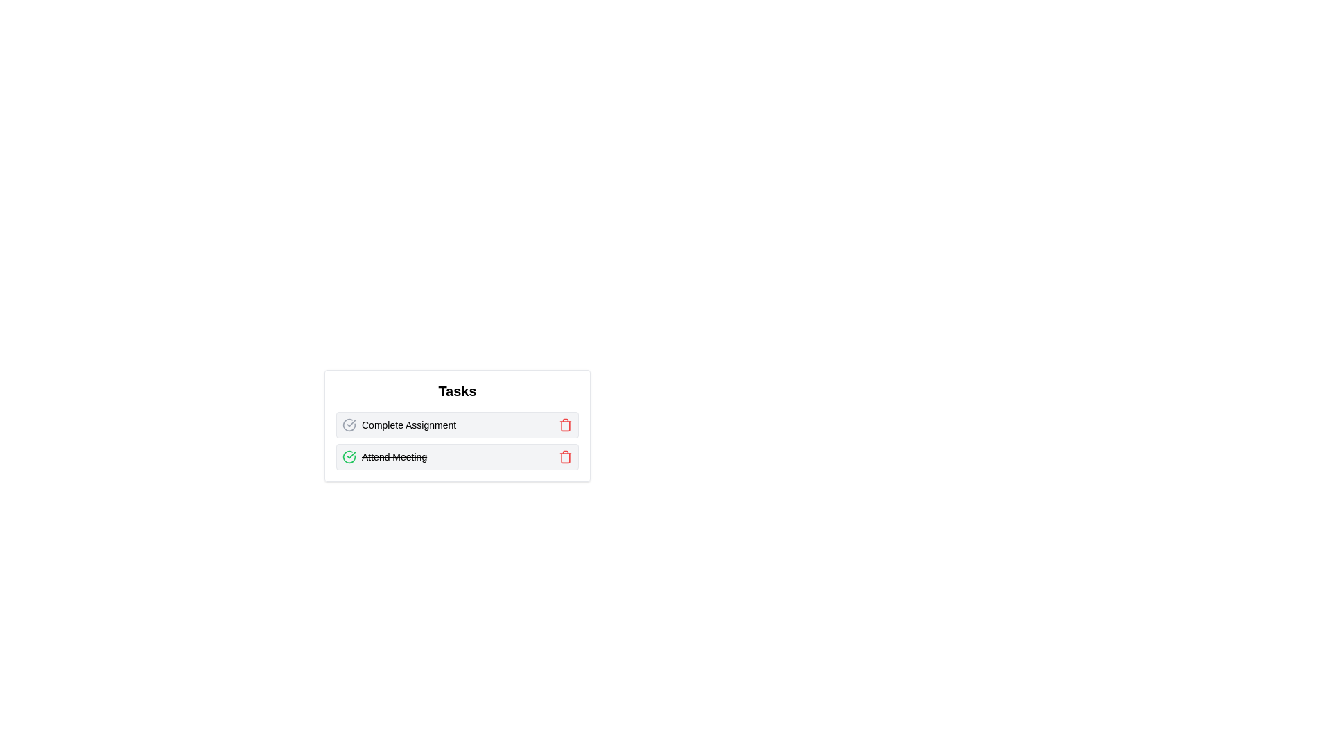  I want to click on text 'Complete Assignment' from the Label with Icon that features a circular checkmark, positioned as the first item in the task list under the 'Tasks' heading, so click(399, 424).